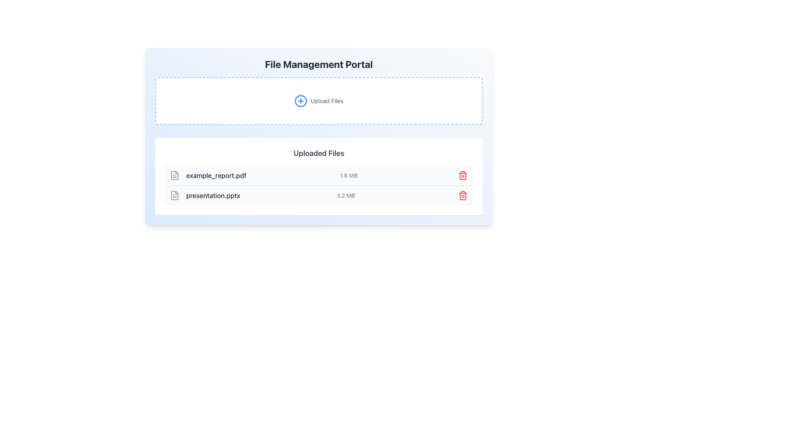  I want to click on the Text Label displaying the filename 'presentation.pptx' located in the second row of the uploaded files table, positioned between the file icon and the delete action icon, so click(213, 196).